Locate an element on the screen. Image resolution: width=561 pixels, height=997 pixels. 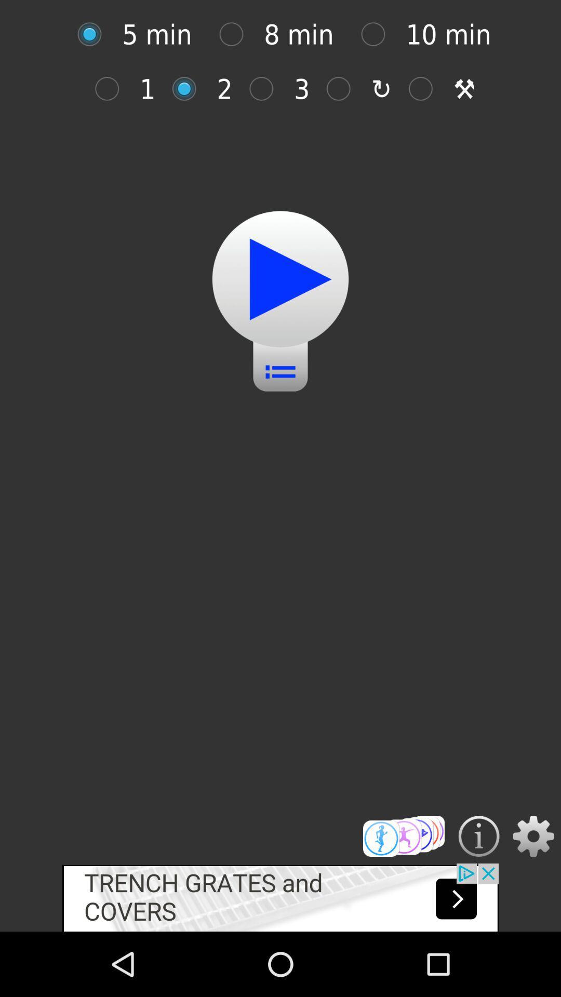
5 minutes is located at coordinates (95, 34).